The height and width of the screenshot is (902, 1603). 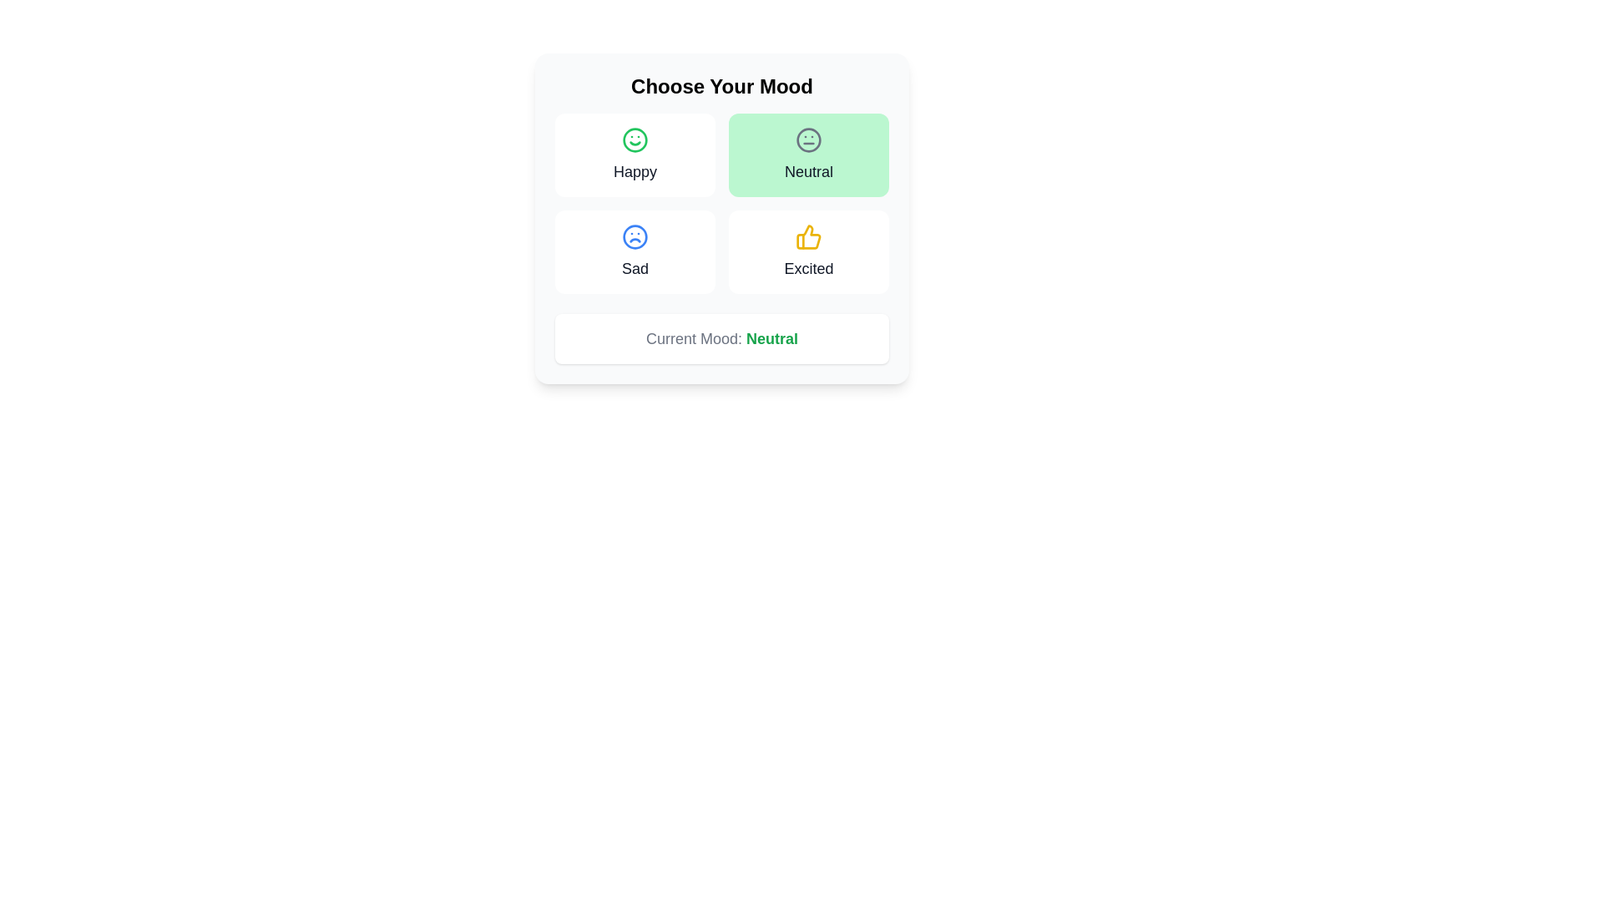 I want to click on the green smiley face icon, which is located above the text label 'Happy' and to the left of the 'Neutral' mood icon, so click(x=635, y=139).